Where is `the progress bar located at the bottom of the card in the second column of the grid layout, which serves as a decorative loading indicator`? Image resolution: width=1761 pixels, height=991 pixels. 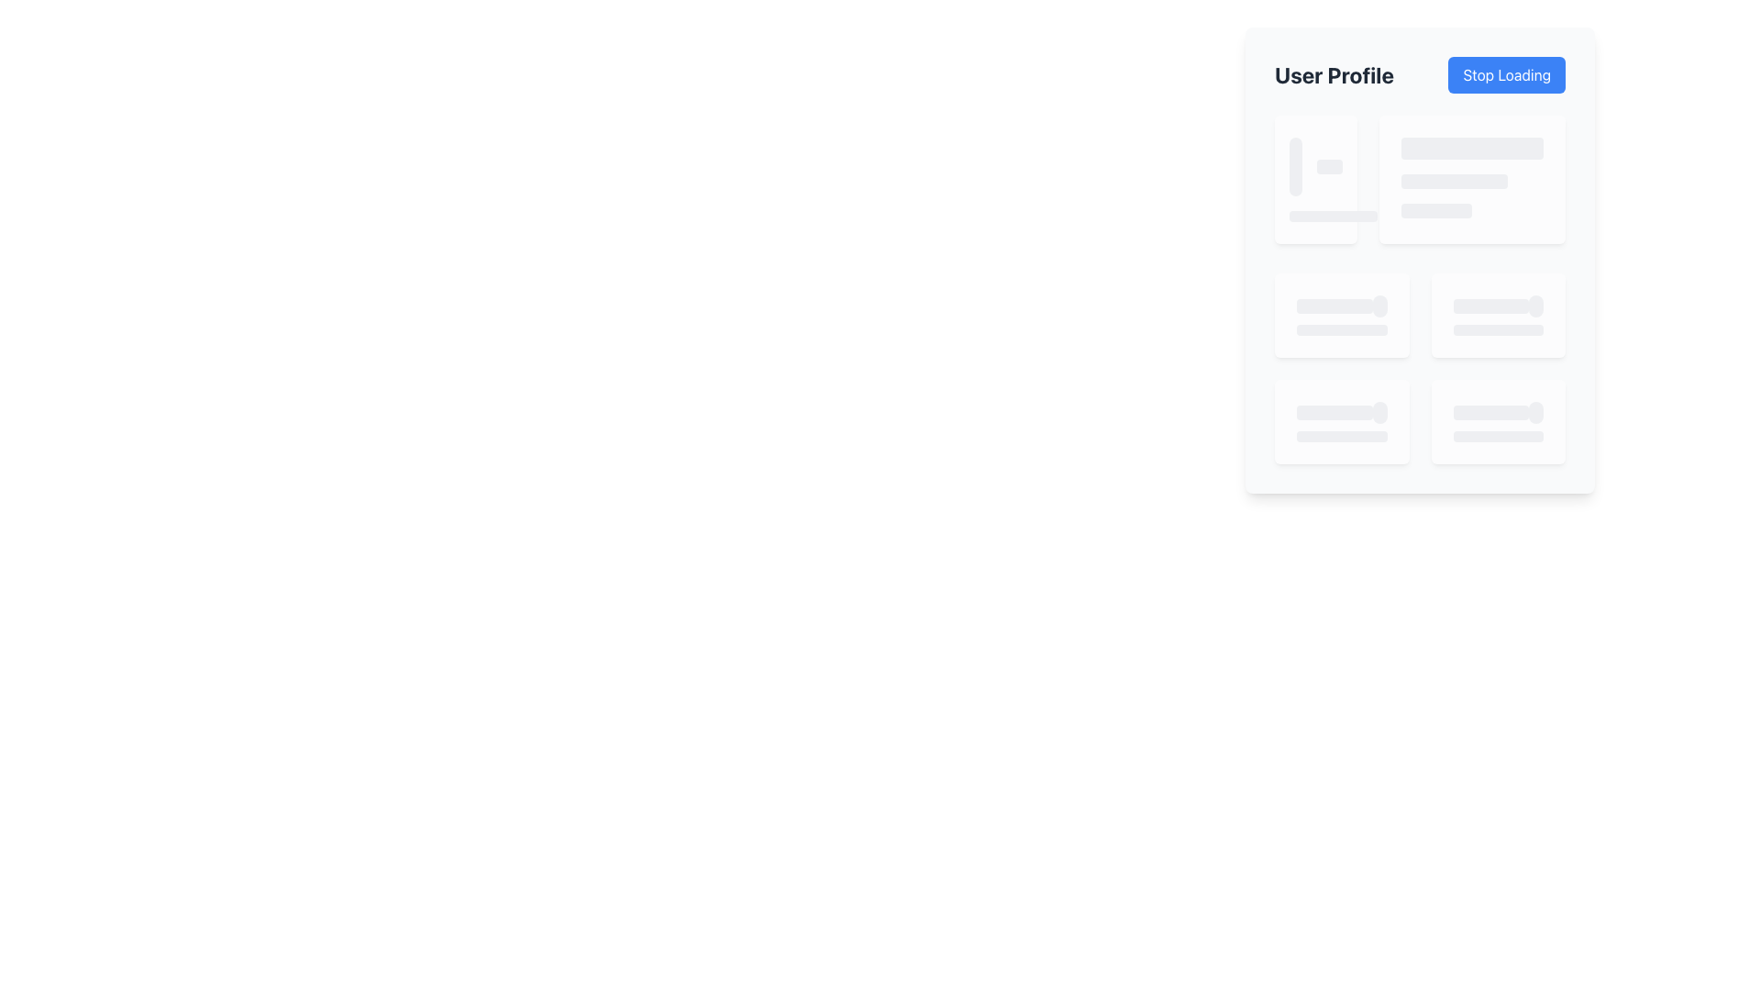
the progress bar located at the bottom of the card in the second column of the grid layout, which serves as a decorative loading indicator is located at coordinates (1498, 328).